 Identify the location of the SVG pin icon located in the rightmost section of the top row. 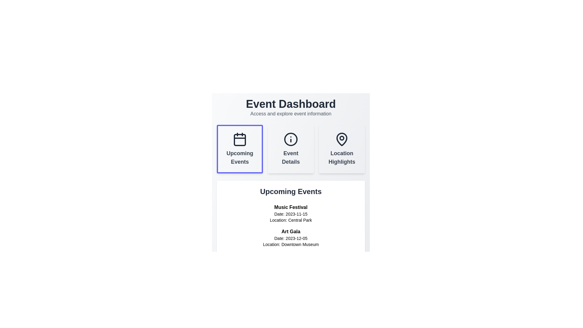
(342, 139).